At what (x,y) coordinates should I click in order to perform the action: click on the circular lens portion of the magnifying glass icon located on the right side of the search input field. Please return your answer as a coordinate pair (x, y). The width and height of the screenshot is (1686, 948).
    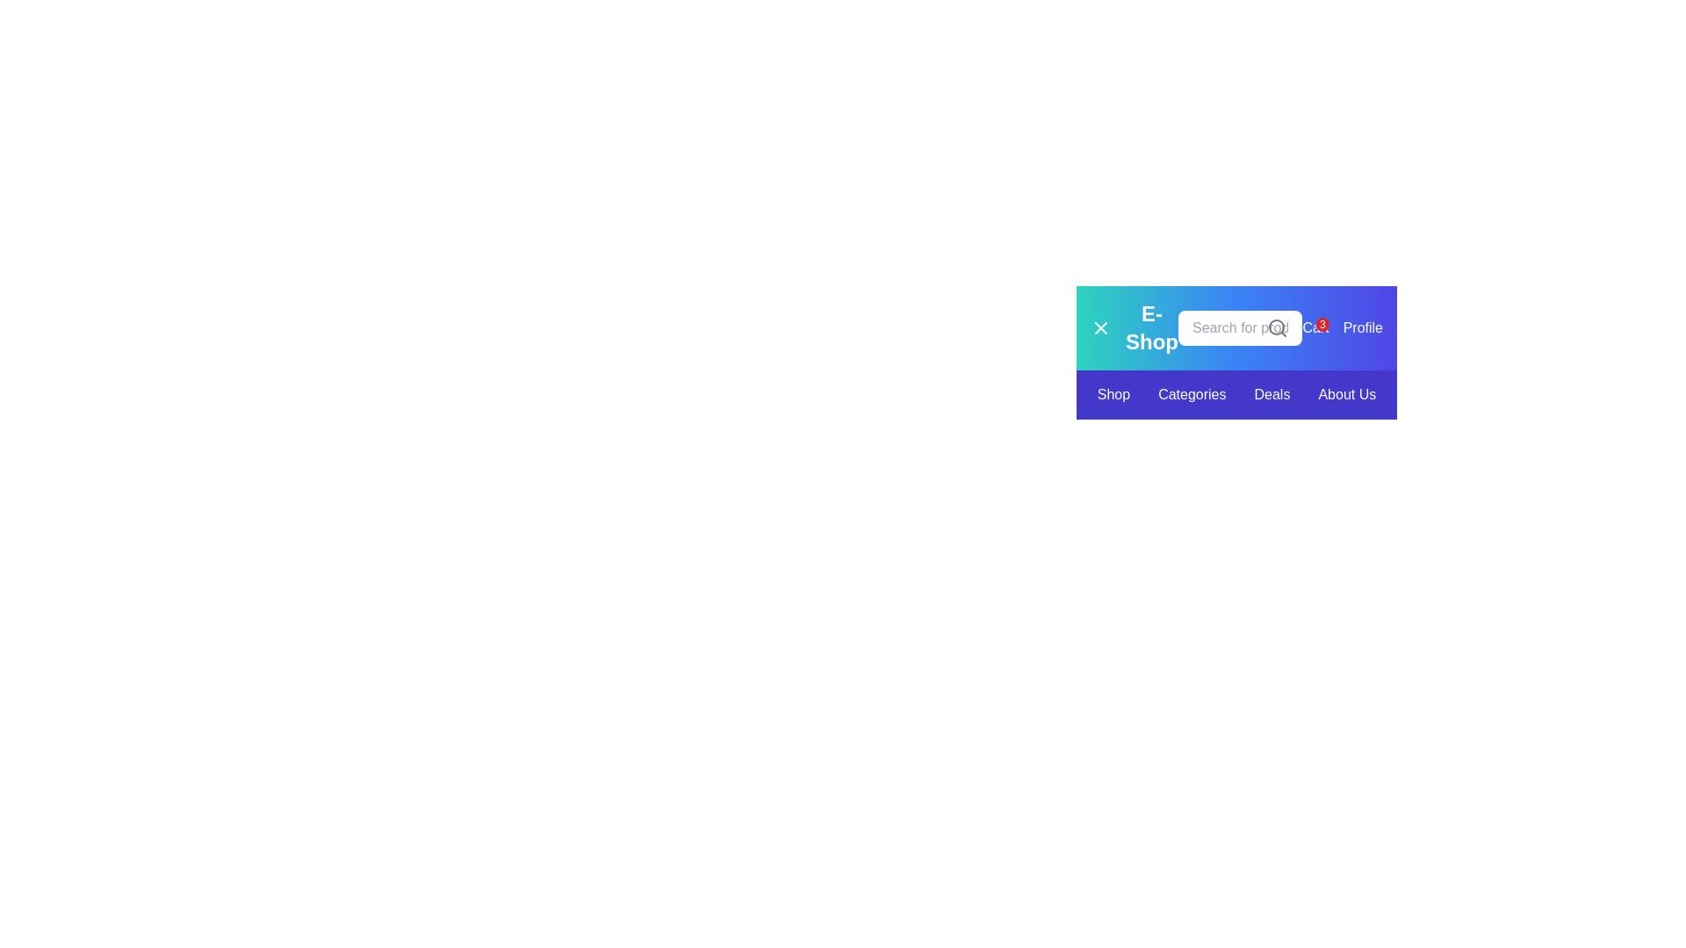
    Looking at the image, I should click on (1277, 327).